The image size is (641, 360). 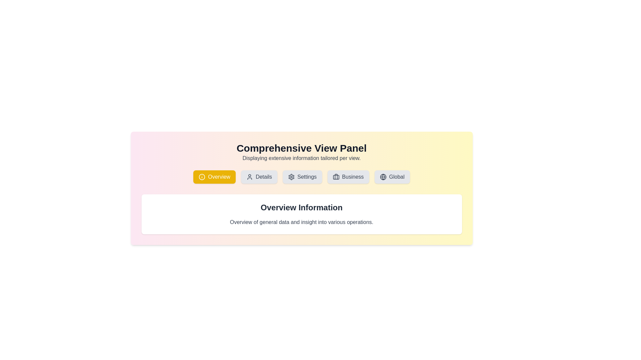 I want to click on the inner rectangular element within the briefcase-shaped icon associated with the 'Business' label in the navigation bar, so click(x=336, y=177).